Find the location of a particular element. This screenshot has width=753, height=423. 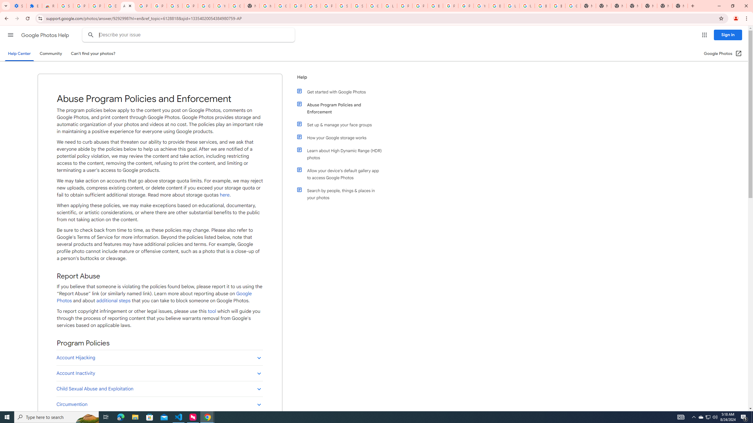

'Search Help Center' is located at coordinates (91, 35).